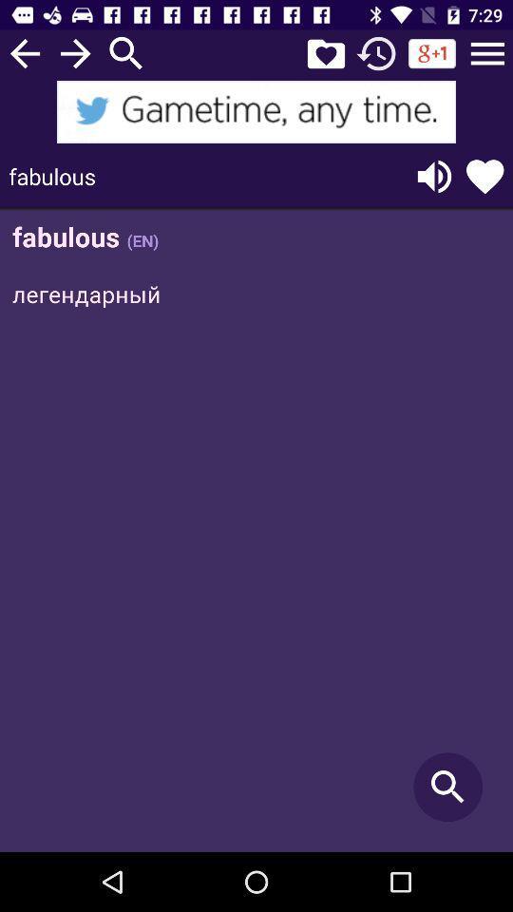 This screenshot has width=513, height=912. Describe the element at coordinates (484, 176) in the screenshot. I see `the favorite icon` at that location.